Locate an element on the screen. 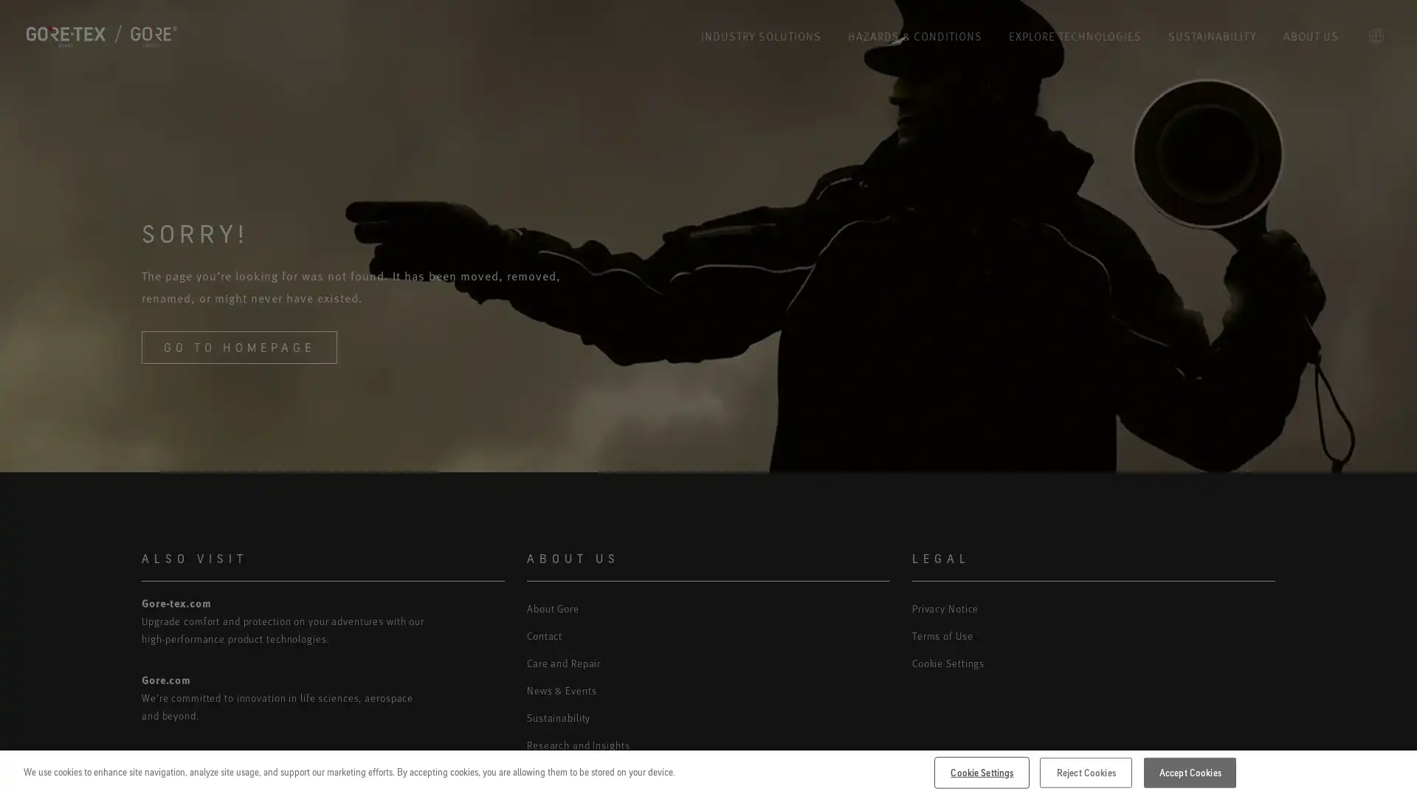 Image resolution: width=1417 pixels, height=797 pixels. Cookie Settings is located at coordinates (982, 771).